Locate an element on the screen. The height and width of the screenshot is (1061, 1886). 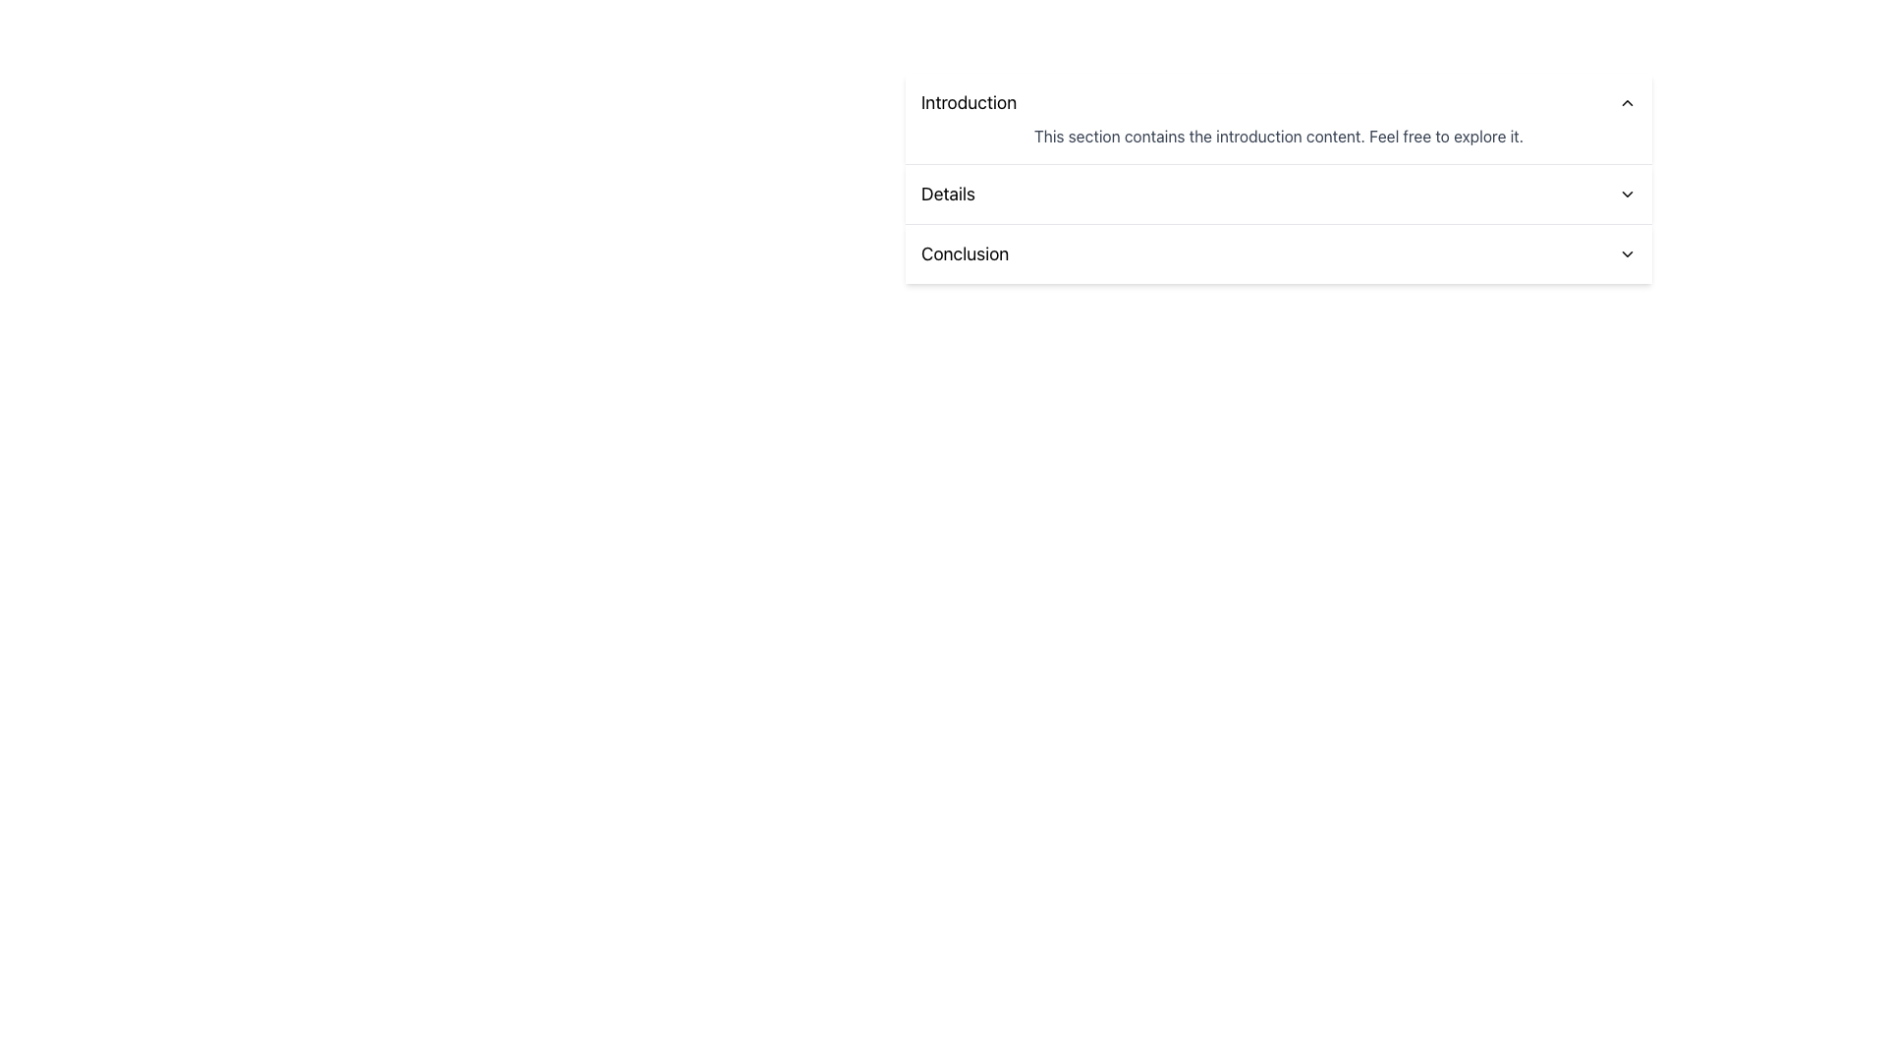
the downward-pointing chevron icon located to the right of the text 'Details' is located at coordinates (1627, 194).